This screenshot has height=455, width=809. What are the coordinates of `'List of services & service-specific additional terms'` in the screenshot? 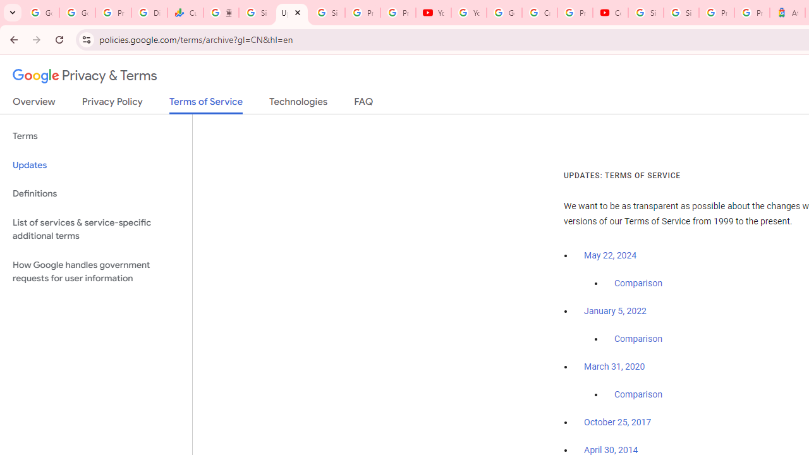 It's located at (95, 229).